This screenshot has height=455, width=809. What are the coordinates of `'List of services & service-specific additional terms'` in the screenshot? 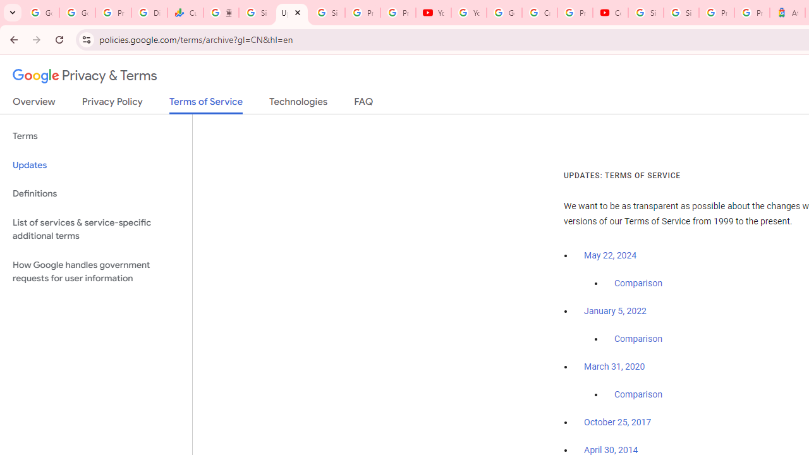 It's located at (95, 229).